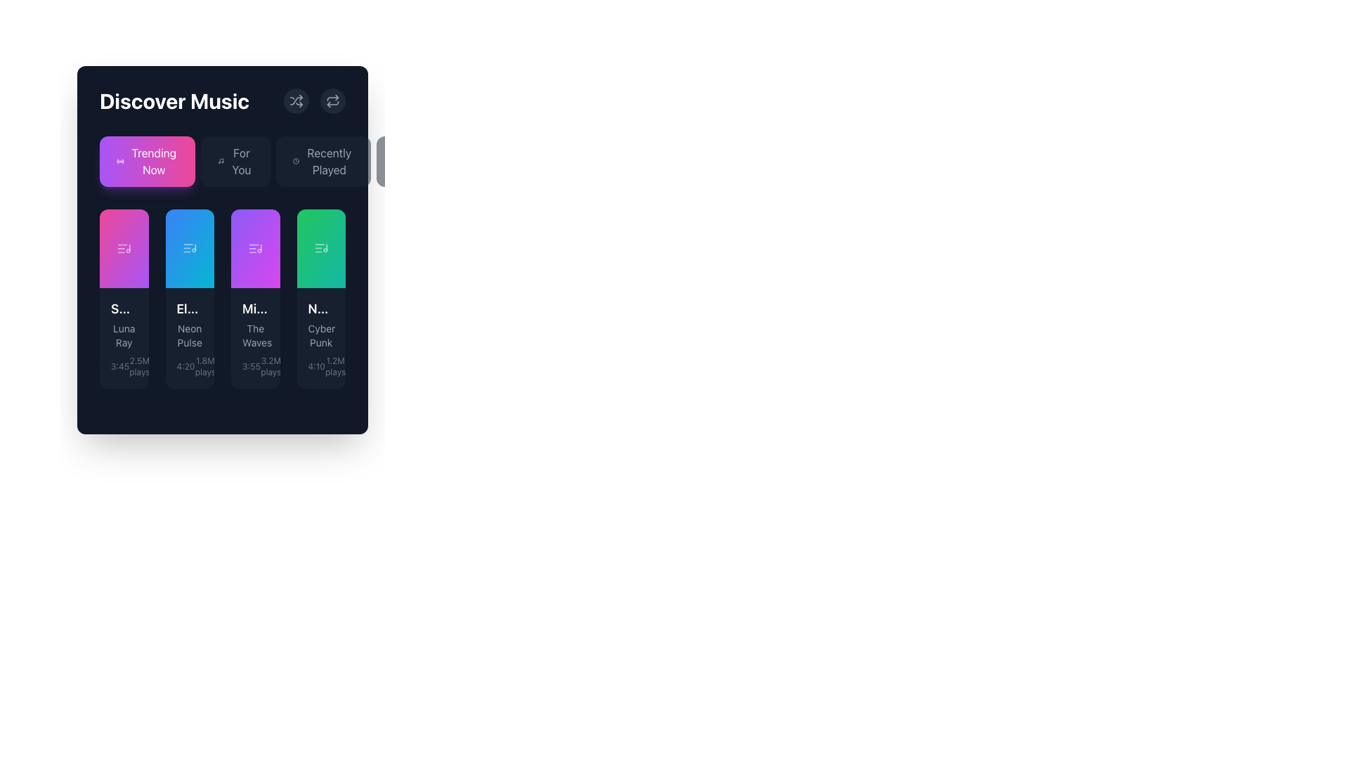  What do you see at coordinates (322, 161) in the screenshot?
I see `the 'Recently Played' button, which is a rectangular button with a clock icon on its left, located between the 'For You' button and the 'Podcasts' button` at bounding box center [322, 161].